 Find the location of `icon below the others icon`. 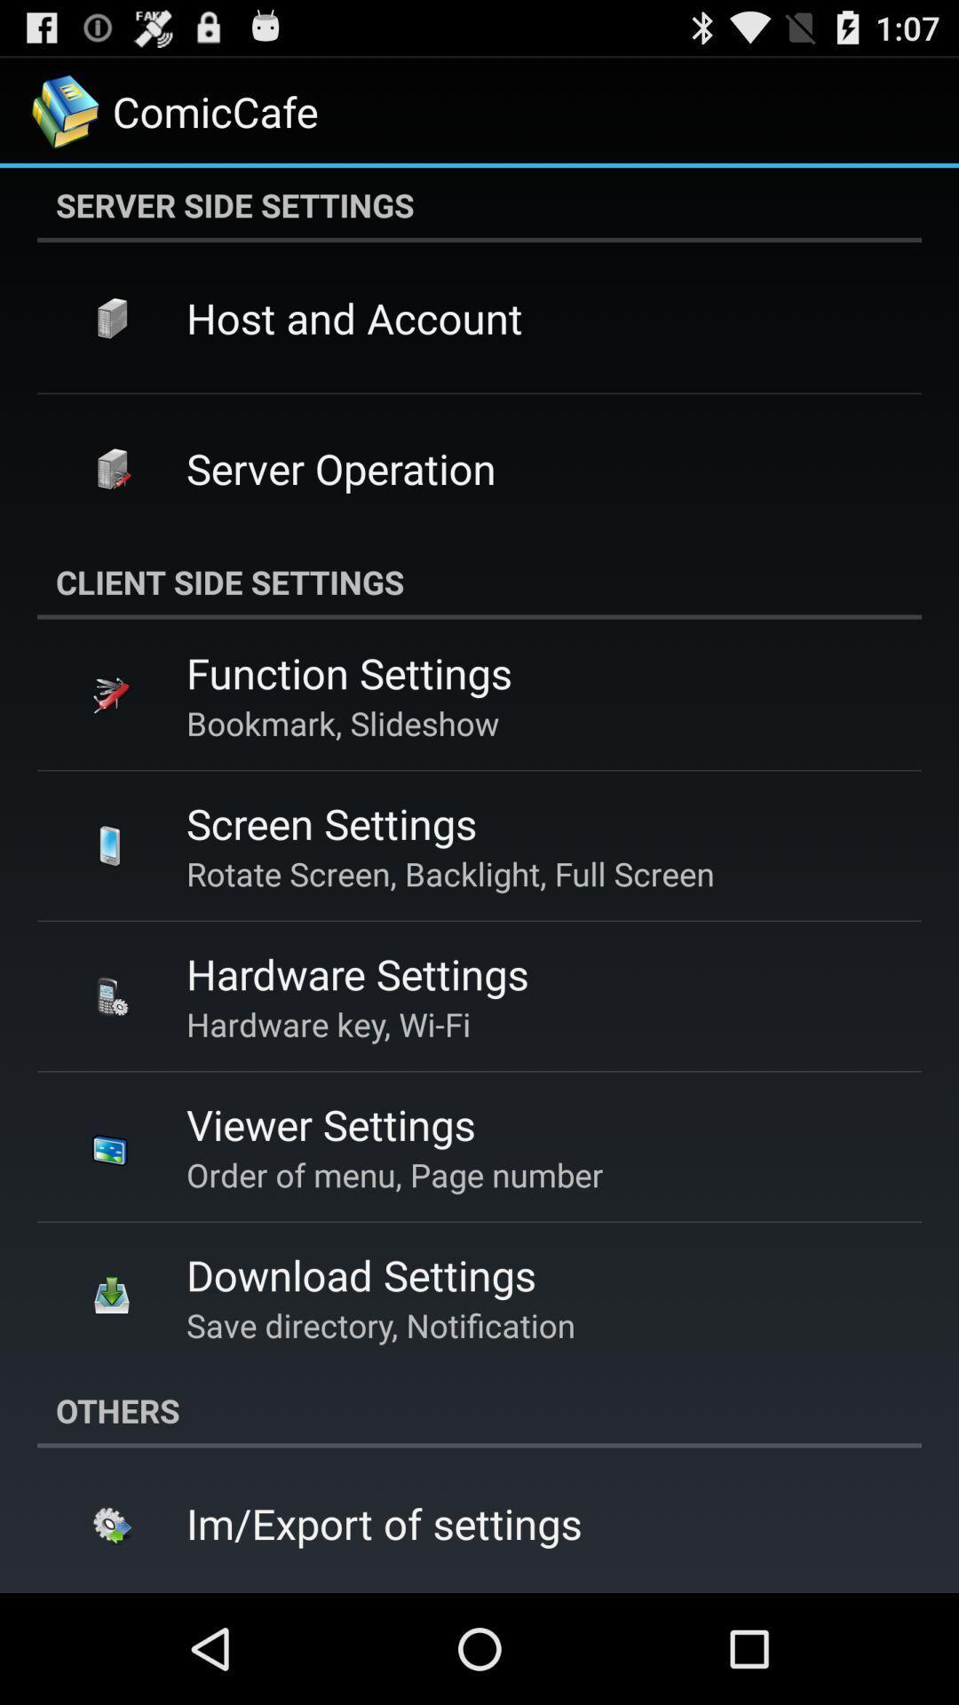

icon below the others icon is located at coordinates (383, 1522).